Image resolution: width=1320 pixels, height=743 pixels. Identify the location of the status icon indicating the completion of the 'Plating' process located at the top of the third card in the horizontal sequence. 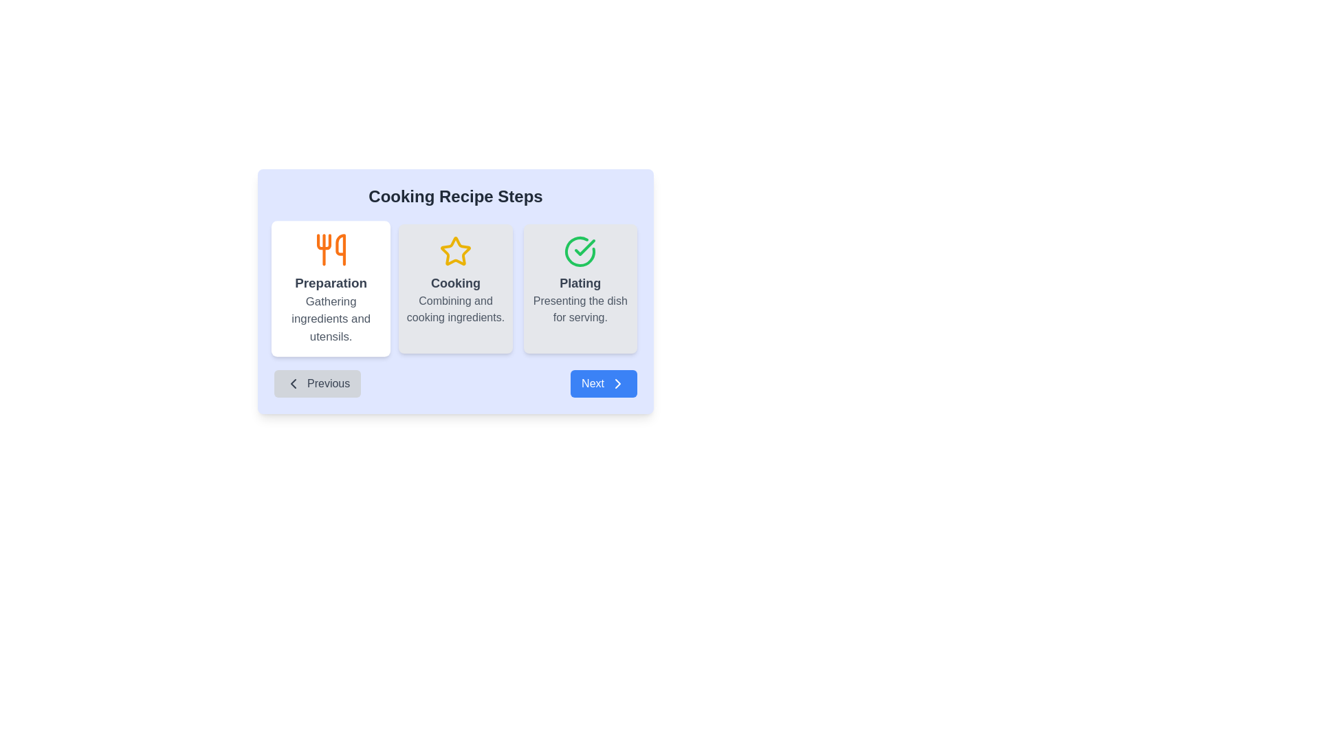
(580, 252).